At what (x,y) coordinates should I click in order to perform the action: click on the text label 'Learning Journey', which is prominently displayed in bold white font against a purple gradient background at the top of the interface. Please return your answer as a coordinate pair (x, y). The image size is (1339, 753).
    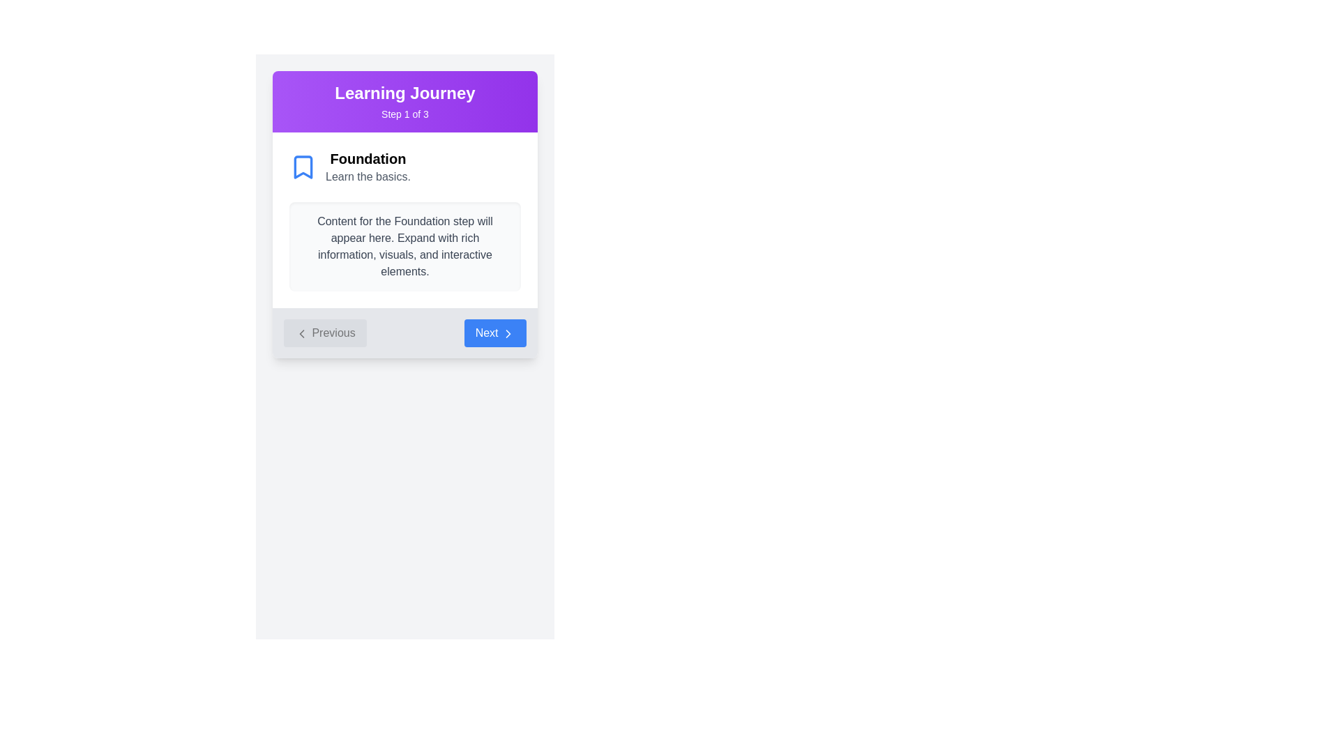
    Looking at the image, I should click on (404, 93).